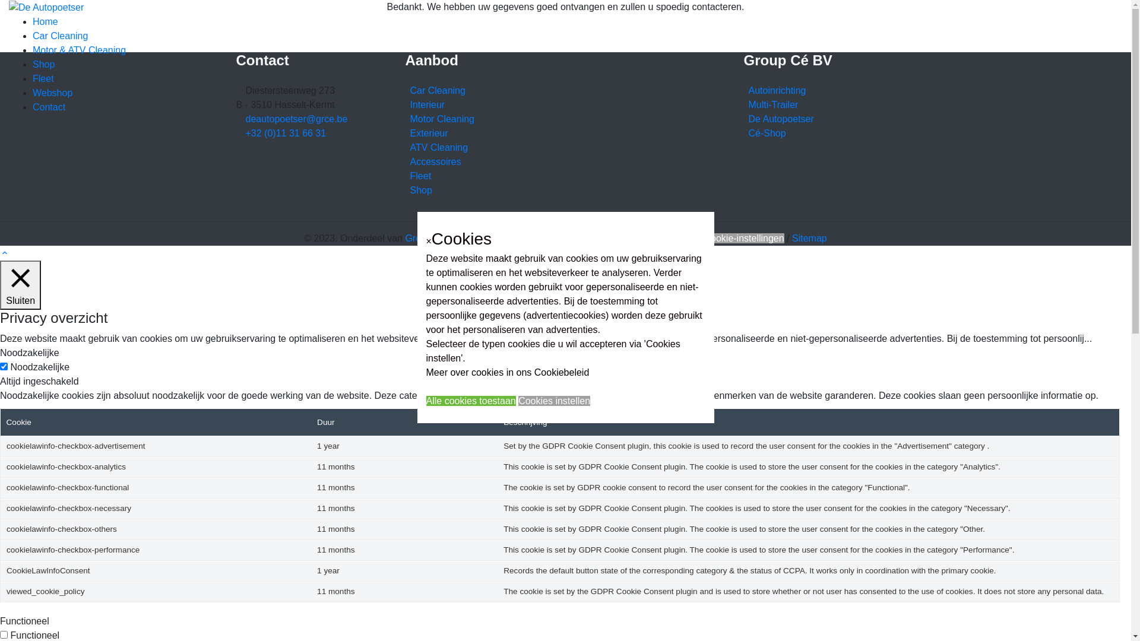  What do you see at coordinates (404, 133) in the screenshot?
I see `'Exterieur'` at bounding box center [404, 133].